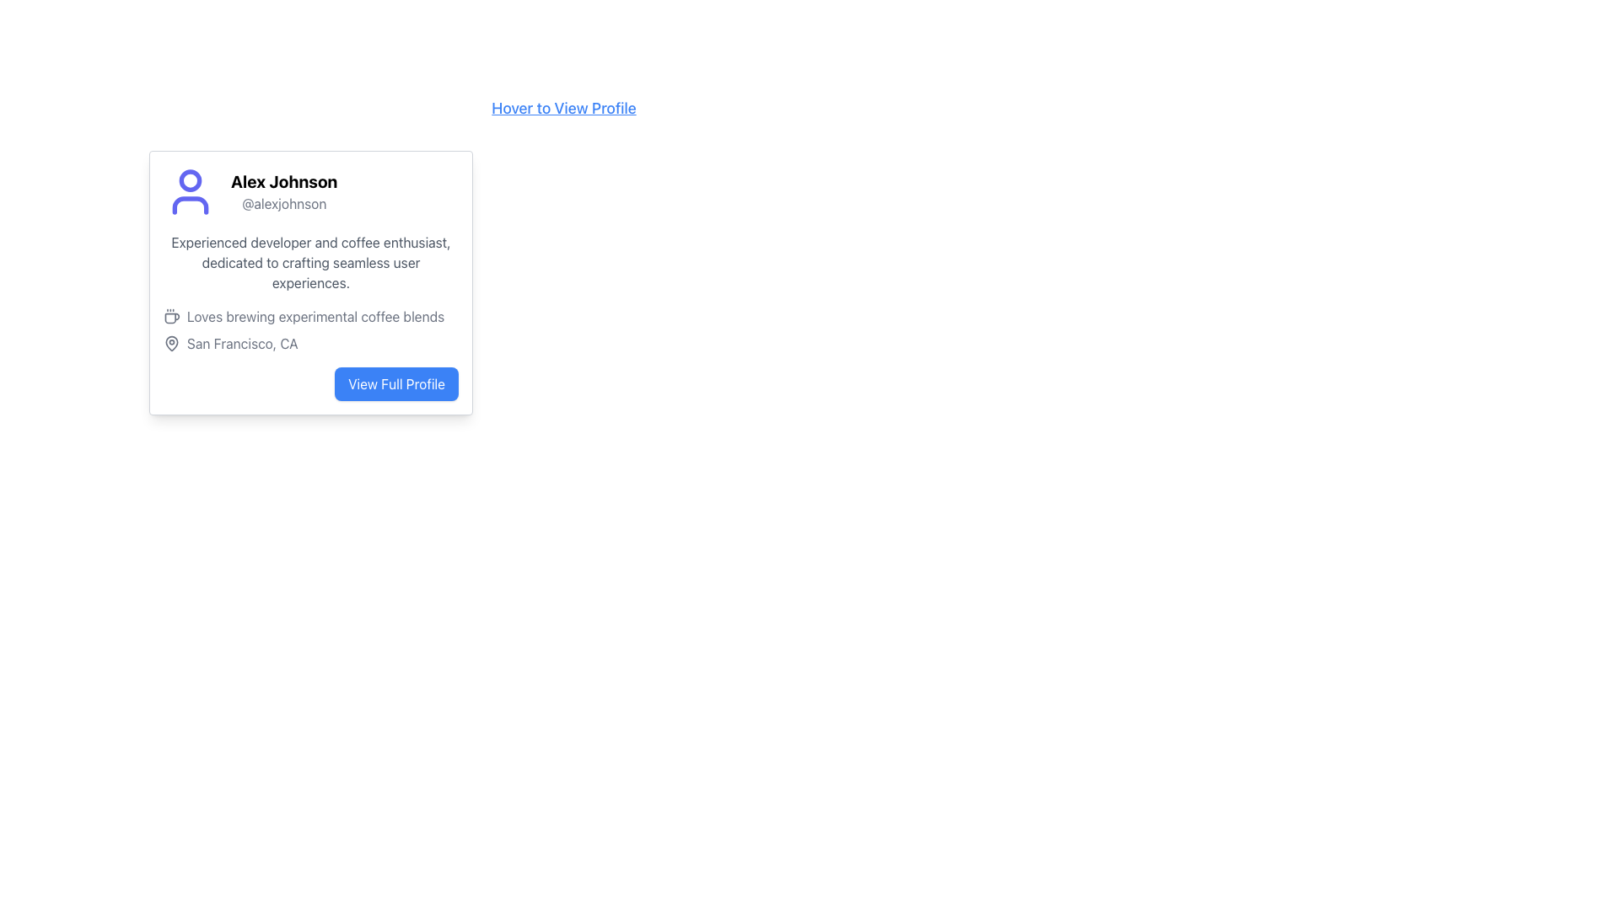  Describe the element at coordinates (241, 343) in the screenshot. I see `the Static Text Label displaying 'San Francisco, CA', which is styled in gray and located below the text 'Loves brewing experimental coffee blends.'` at that location.